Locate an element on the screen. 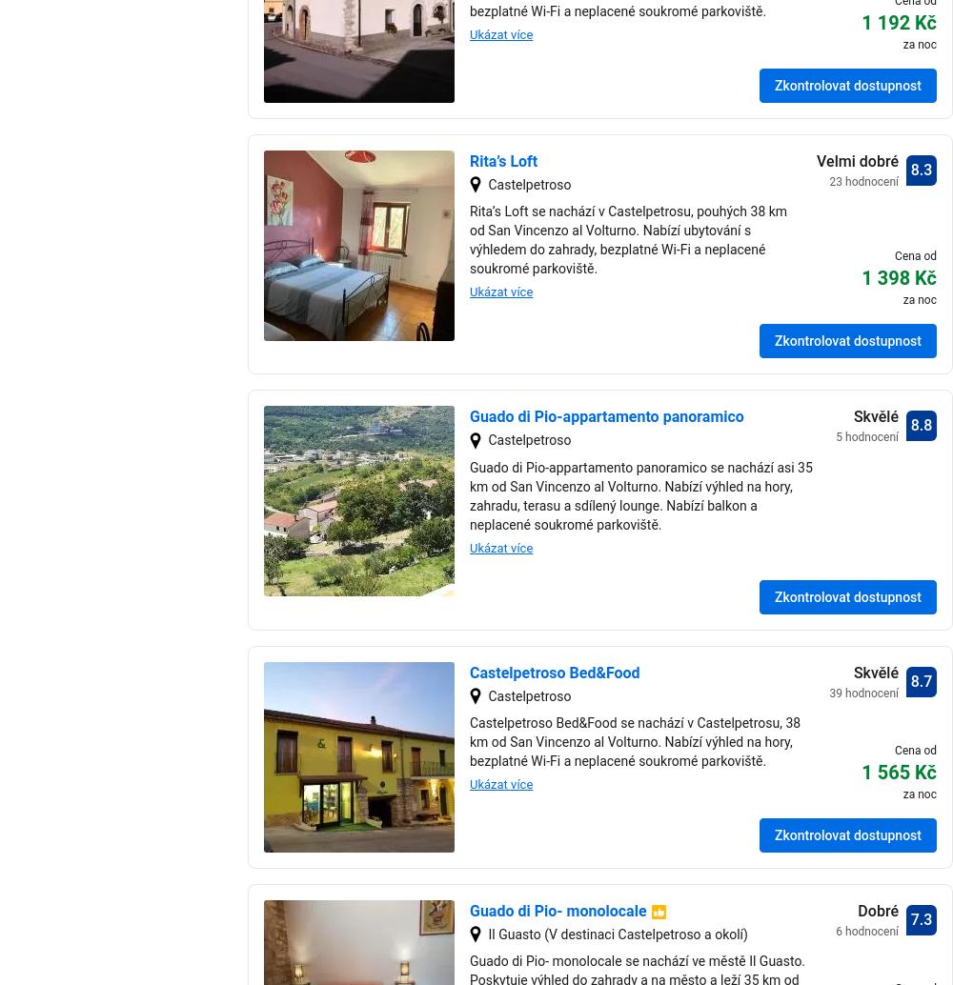 The width and height of the screenshot is (953, 985). 'Guado di Pio-appartamento panoramico' is located at coordinates (606, 415).